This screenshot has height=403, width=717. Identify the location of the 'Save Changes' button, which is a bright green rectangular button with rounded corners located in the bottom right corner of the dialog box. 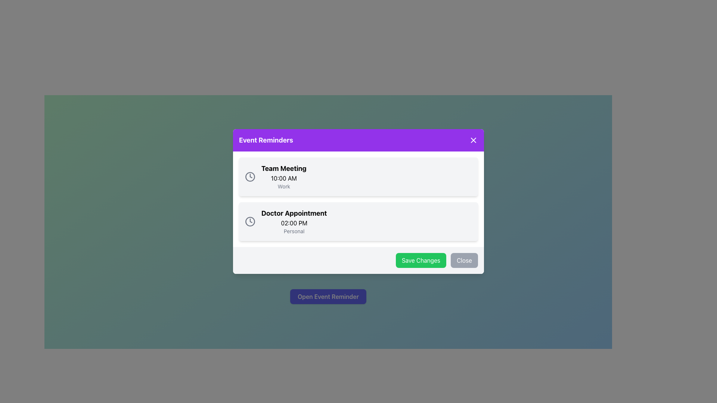
(421, 260).